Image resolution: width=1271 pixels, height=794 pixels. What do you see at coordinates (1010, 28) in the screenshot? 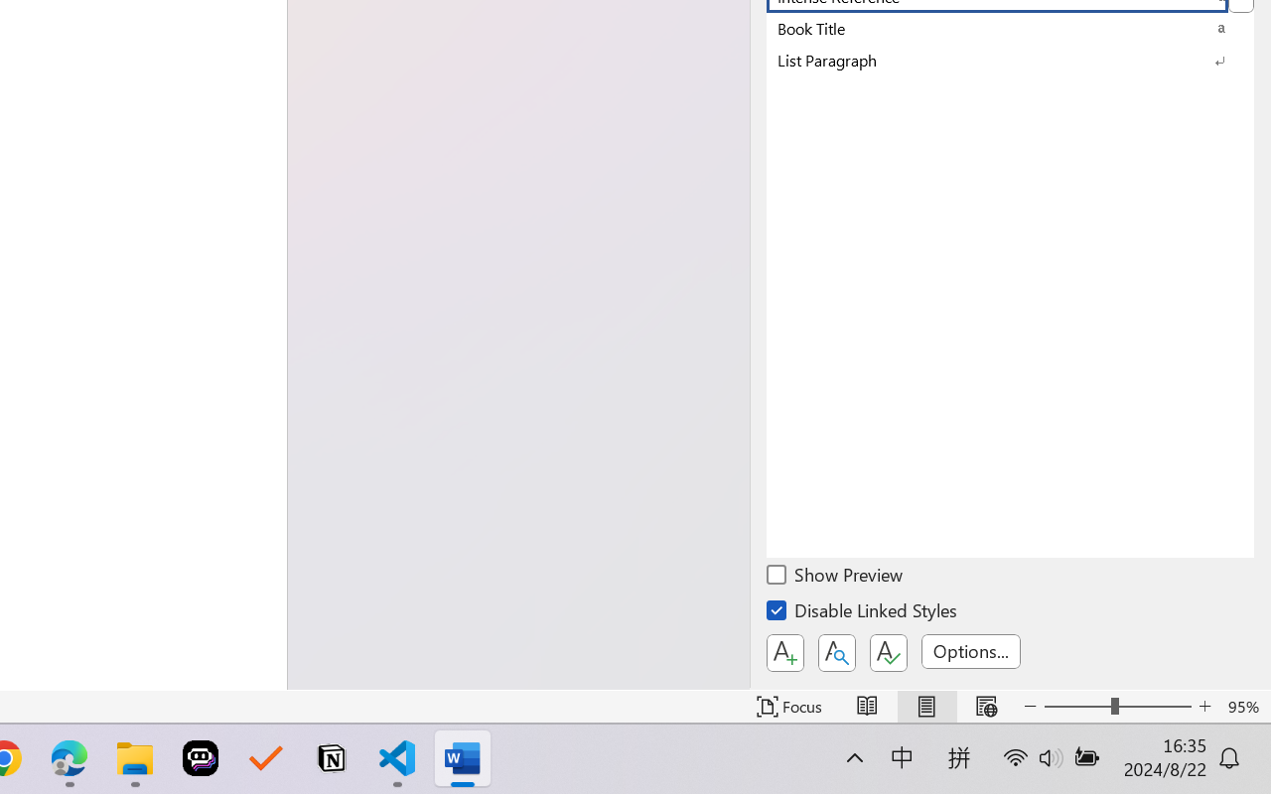
I see `'Book Title'` at bounding box center [1010, 28].